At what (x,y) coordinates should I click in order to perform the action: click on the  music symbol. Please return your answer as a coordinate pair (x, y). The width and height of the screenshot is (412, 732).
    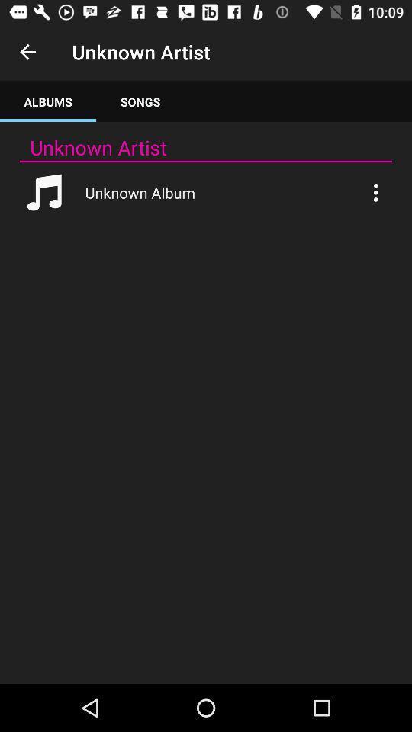
    Looking at the image, I should click on (45, 191).